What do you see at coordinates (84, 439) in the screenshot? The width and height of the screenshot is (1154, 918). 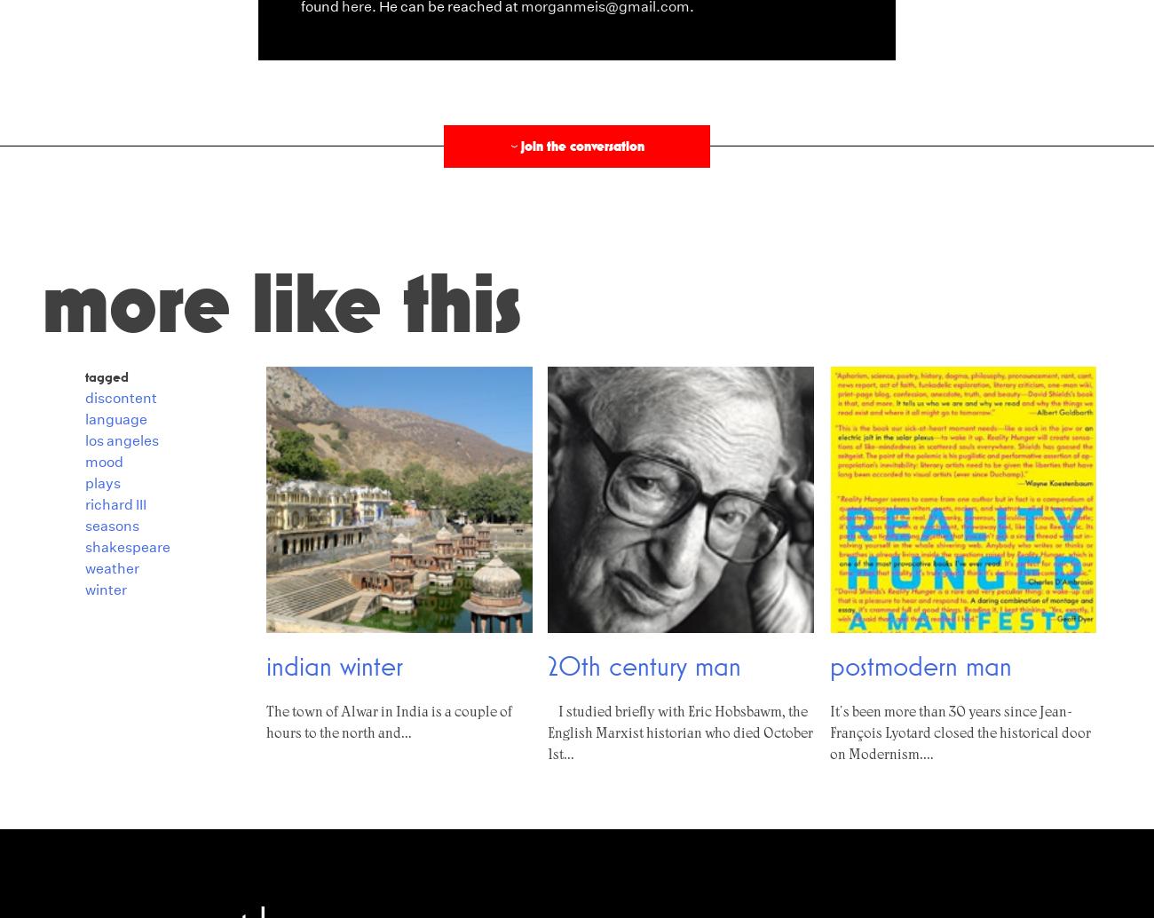 I see `'los angeles'` at bounding box center [84, 439].